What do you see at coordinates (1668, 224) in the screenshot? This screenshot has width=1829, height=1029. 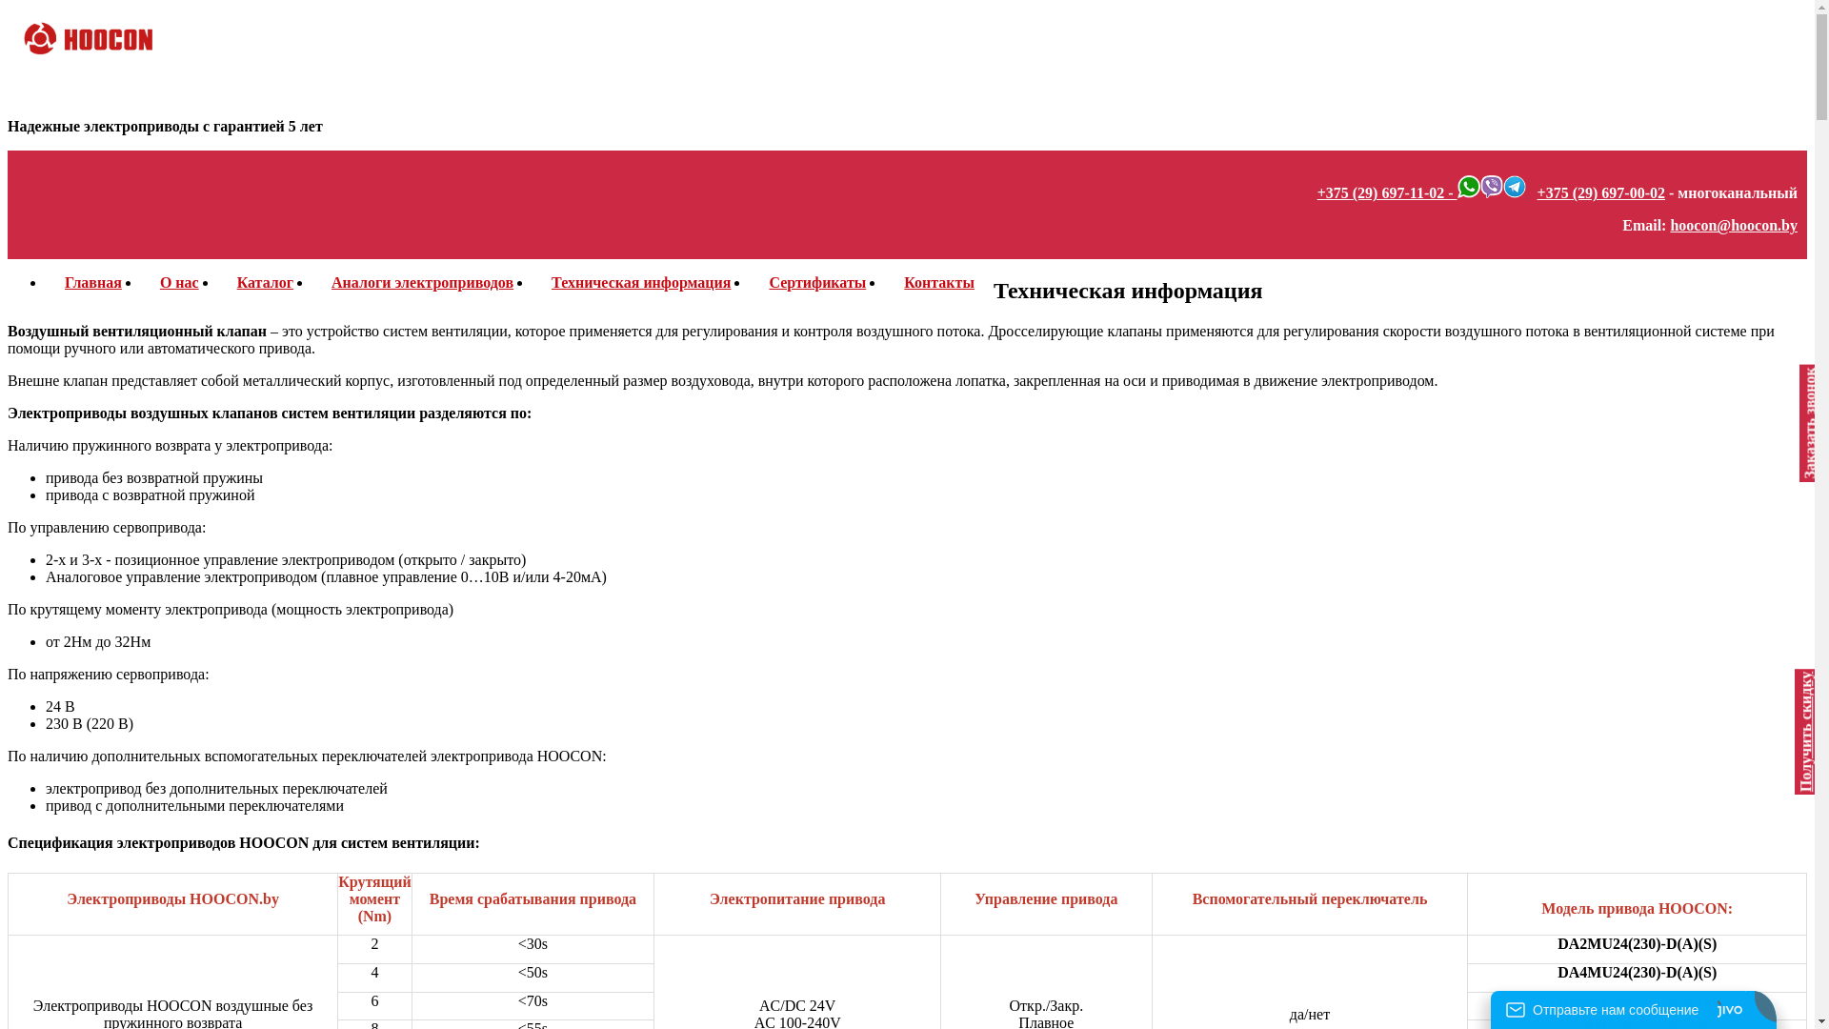 I see `'hoocon@hoocon.by'` at bounding box center [1668, 224].